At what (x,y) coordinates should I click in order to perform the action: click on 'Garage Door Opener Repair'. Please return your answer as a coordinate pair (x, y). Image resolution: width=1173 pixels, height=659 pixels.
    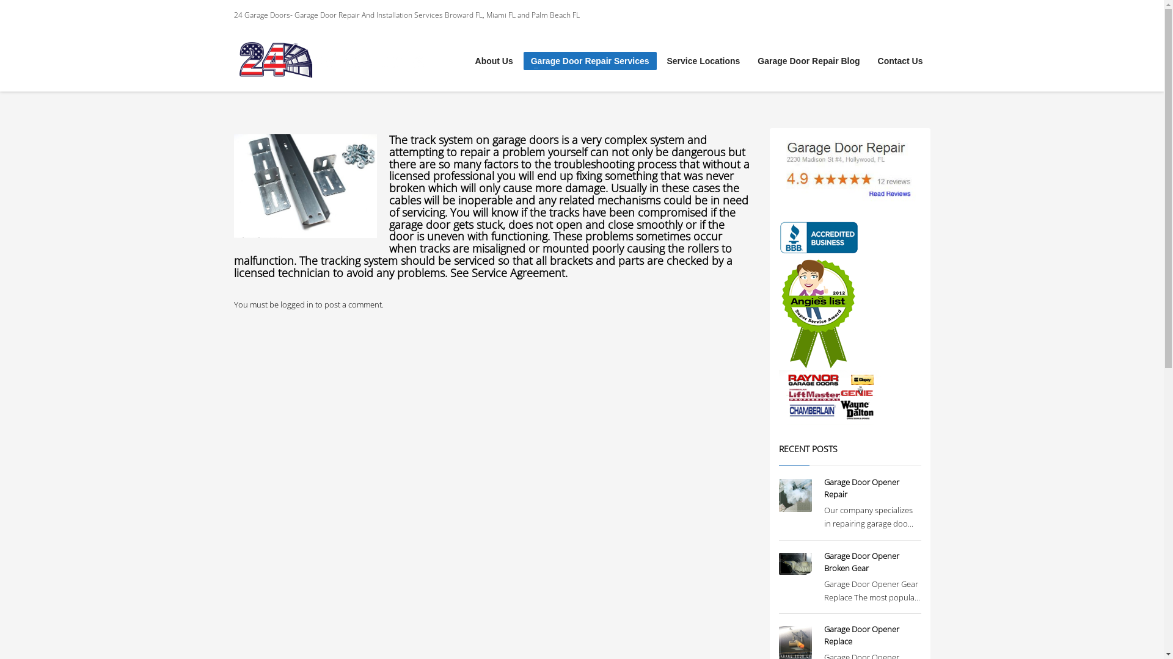
    Looking at the image, I should click on (861, 487).